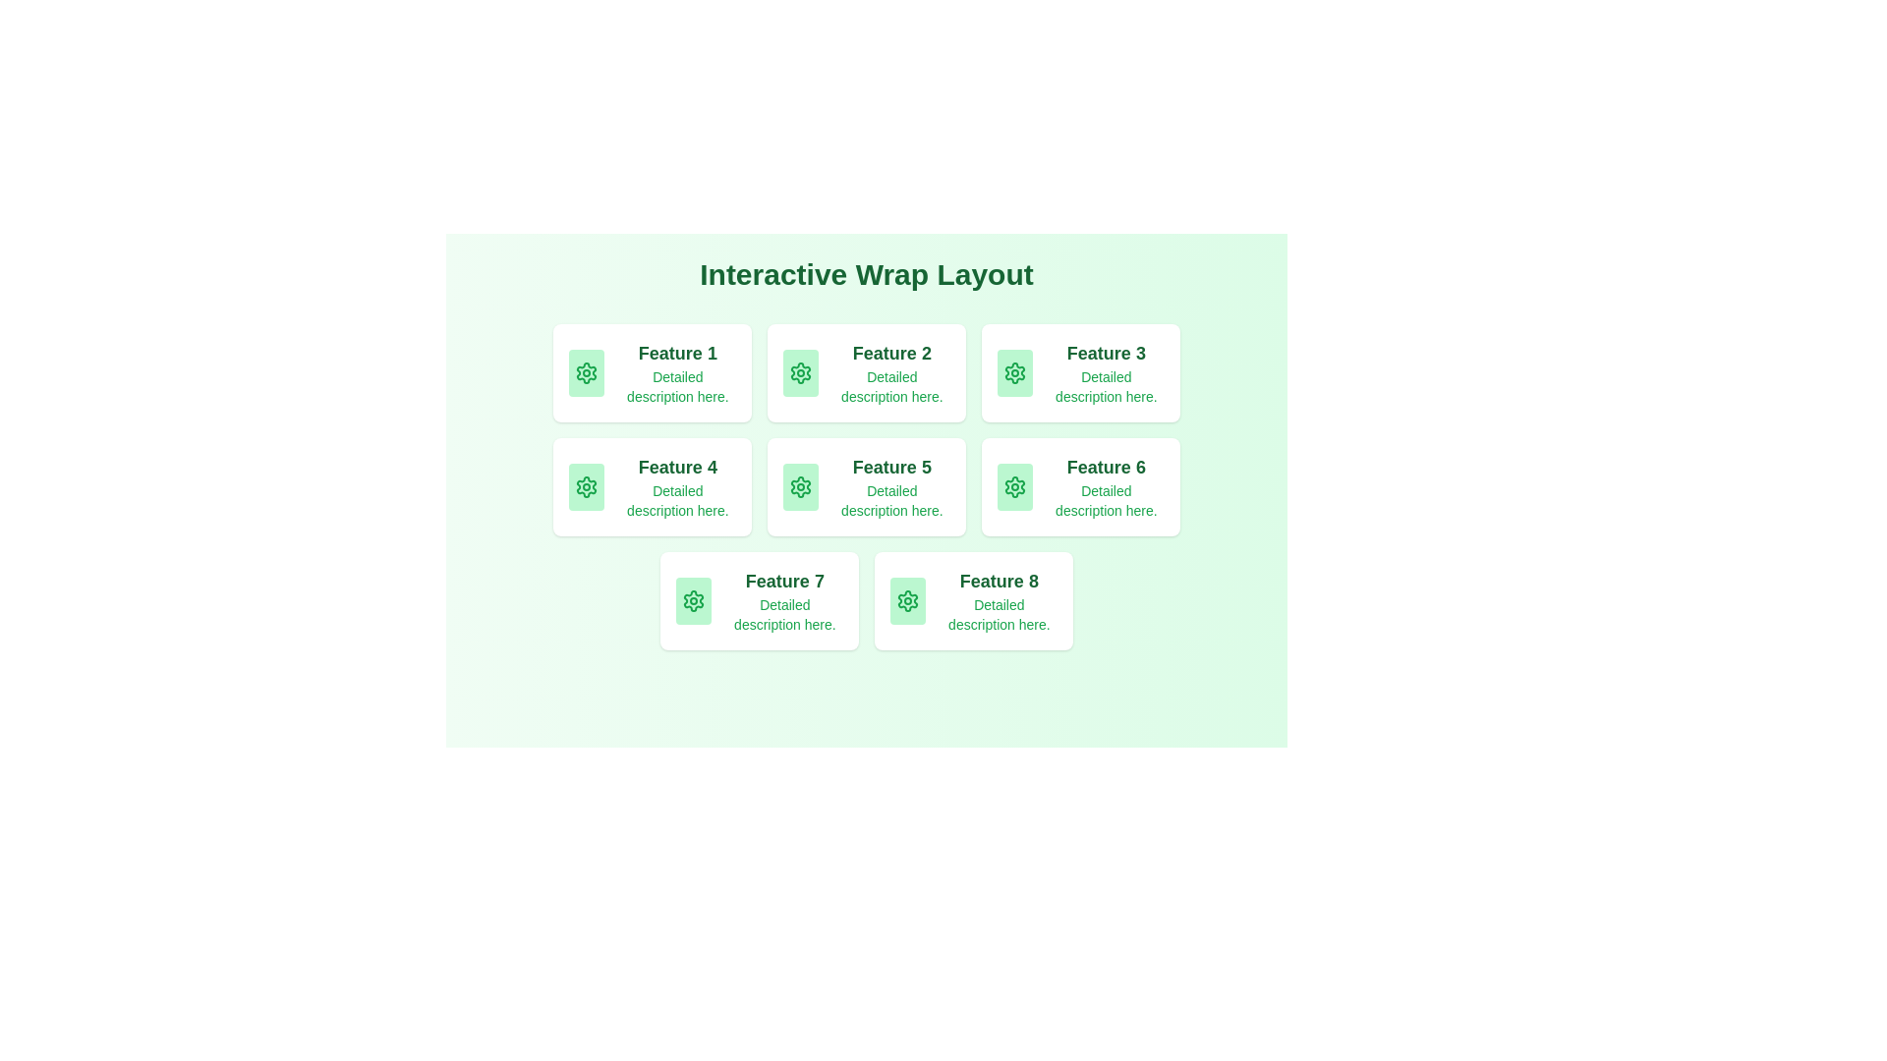 This screenshot has height=1061, width=1887. What do you see at coordinates (866, 486) in the screenshot?
I see `the fifth card featuring a green gear icon on the left, labeled 'Feature 5' in bold text on the right` at bounding box center [866, 486].